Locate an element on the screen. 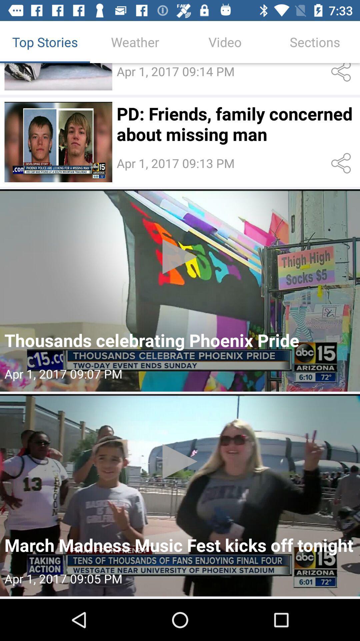 This screenshot has width=360, height=641. first share icon is located at coordinates (342, 74).